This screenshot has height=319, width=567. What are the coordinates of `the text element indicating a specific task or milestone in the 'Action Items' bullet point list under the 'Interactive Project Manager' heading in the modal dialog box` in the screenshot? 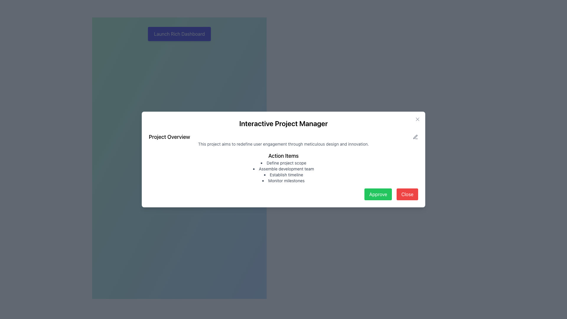 It's located at (283, 180).